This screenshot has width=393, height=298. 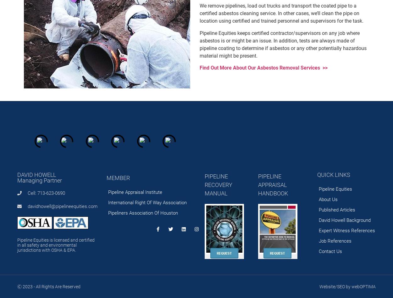 I want to click on 'Expert Witness References', so click(x=346, y=230).